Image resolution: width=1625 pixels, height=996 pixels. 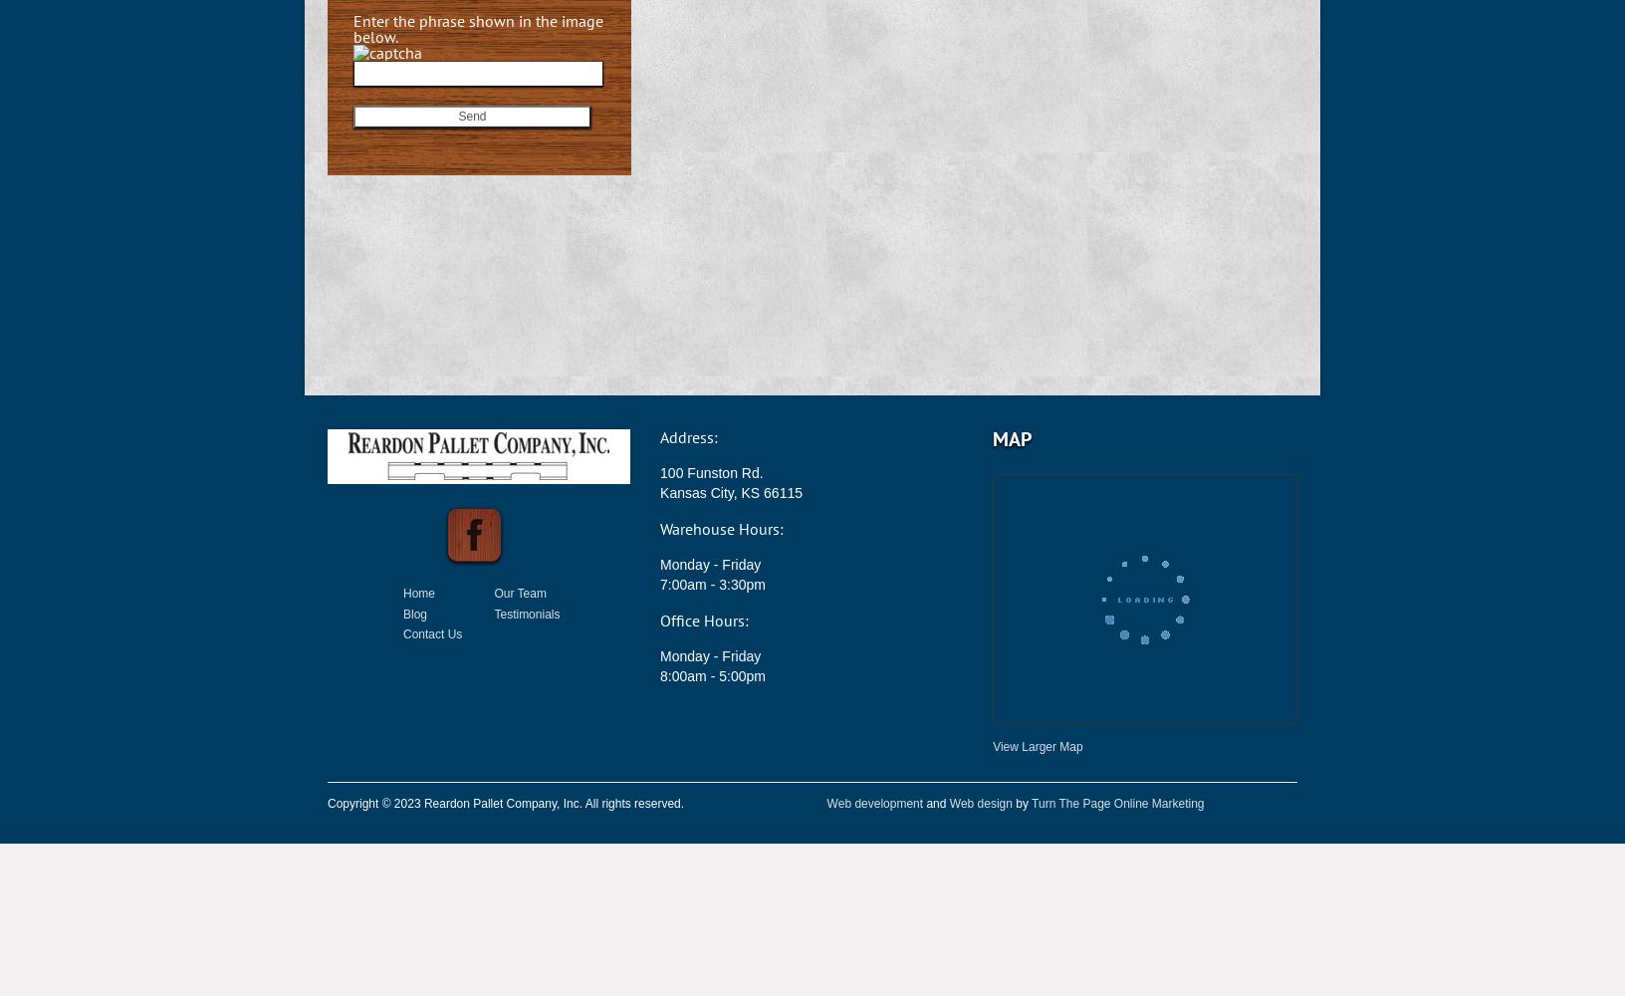 What do you see at coordinates (1030, 804) in the screenshot?
I see `'Turn The Page Online Marketing'` at bounding box center [1030, 804].